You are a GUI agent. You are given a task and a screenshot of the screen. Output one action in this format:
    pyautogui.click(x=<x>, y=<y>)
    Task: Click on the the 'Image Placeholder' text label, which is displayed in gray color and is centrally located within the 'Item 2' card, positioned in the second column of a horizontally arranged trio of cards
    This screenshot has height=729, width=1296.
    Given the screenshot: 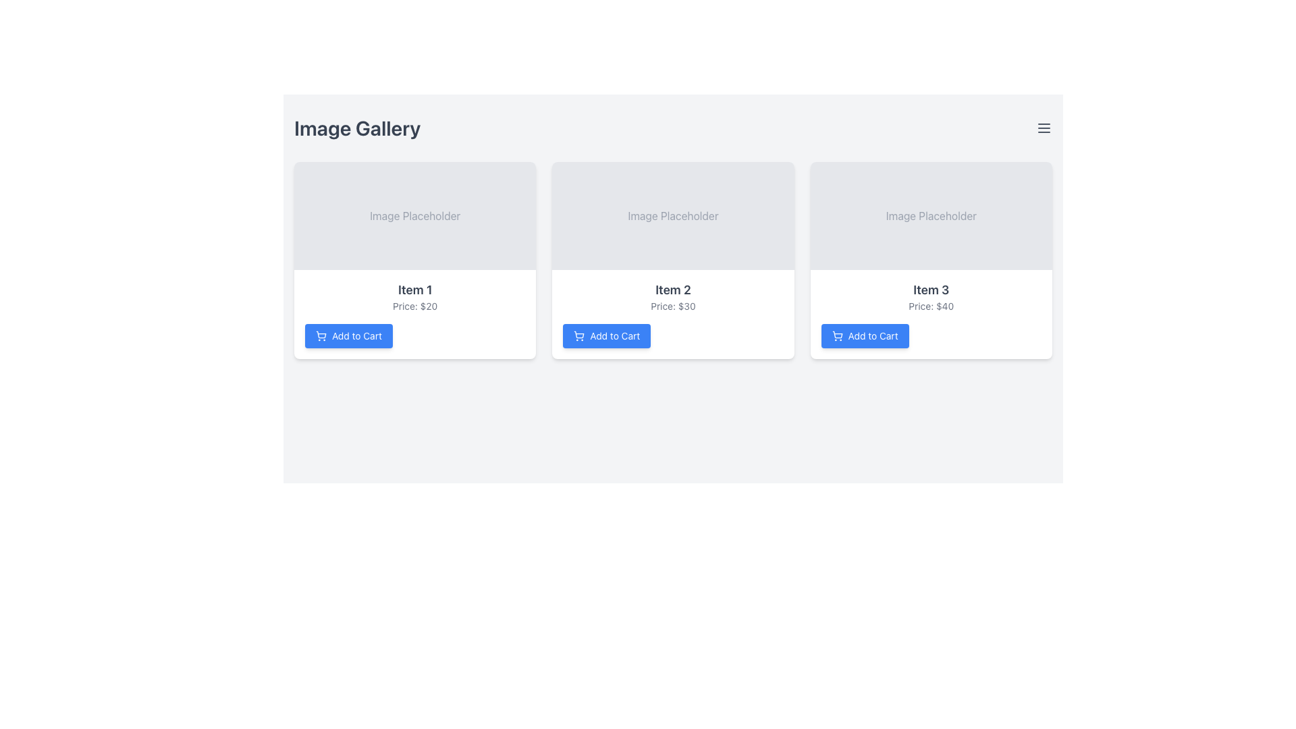 What is the action you would take?
    pyautogui.click(x=673, y=215)
    